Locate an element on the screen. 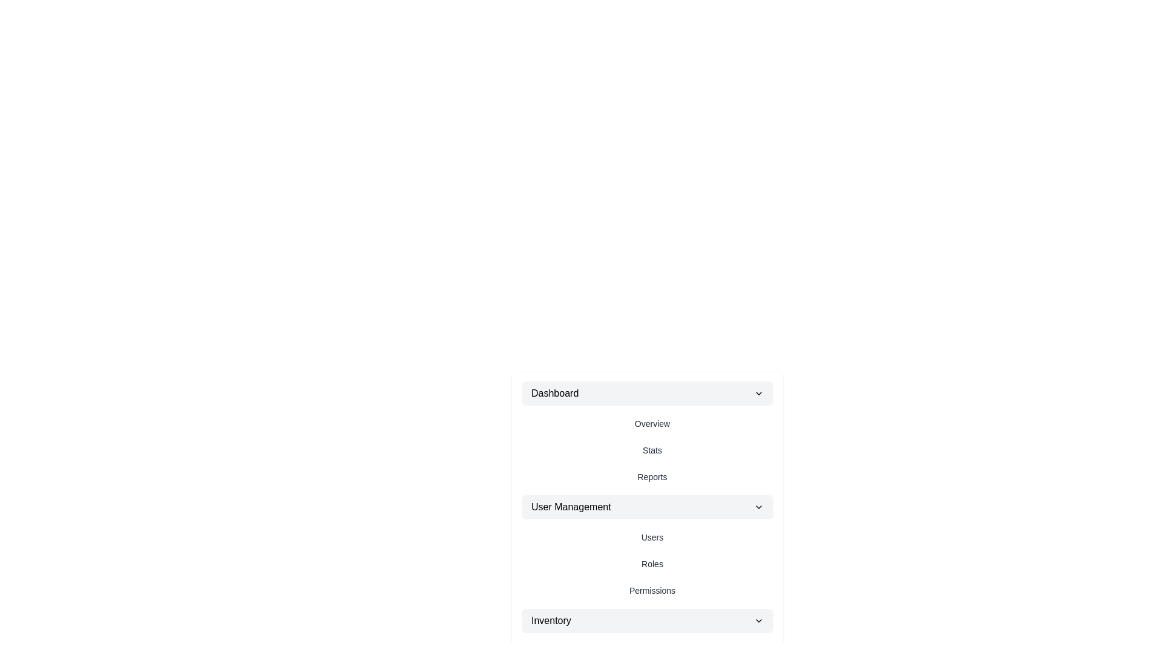 The image size is (1162, 653). the menu item Users from the StyledMenu is located at coordinates (652, 536).